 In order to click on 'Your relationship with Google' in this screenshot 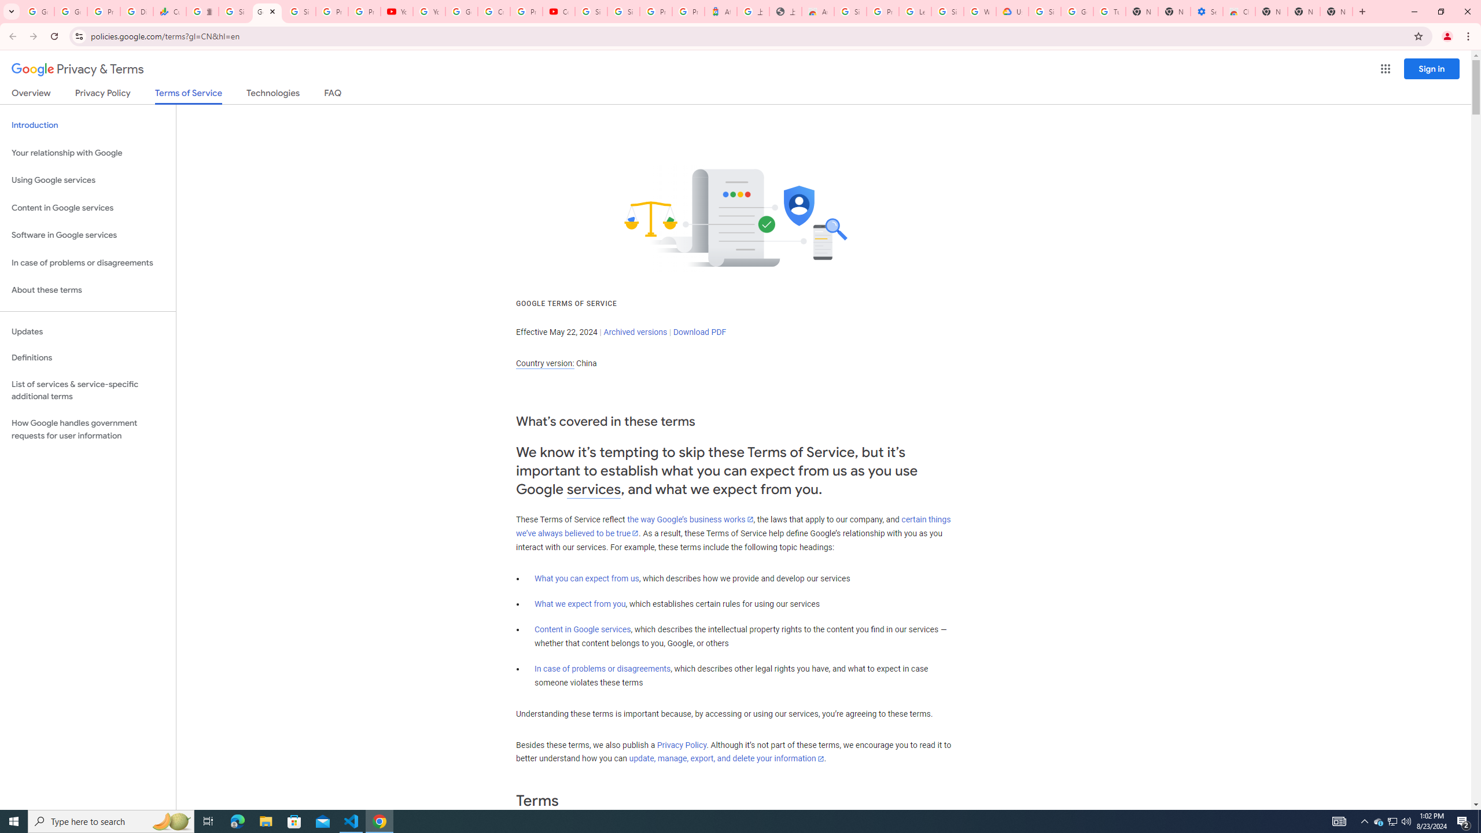, I will do `click(87, 153)`.